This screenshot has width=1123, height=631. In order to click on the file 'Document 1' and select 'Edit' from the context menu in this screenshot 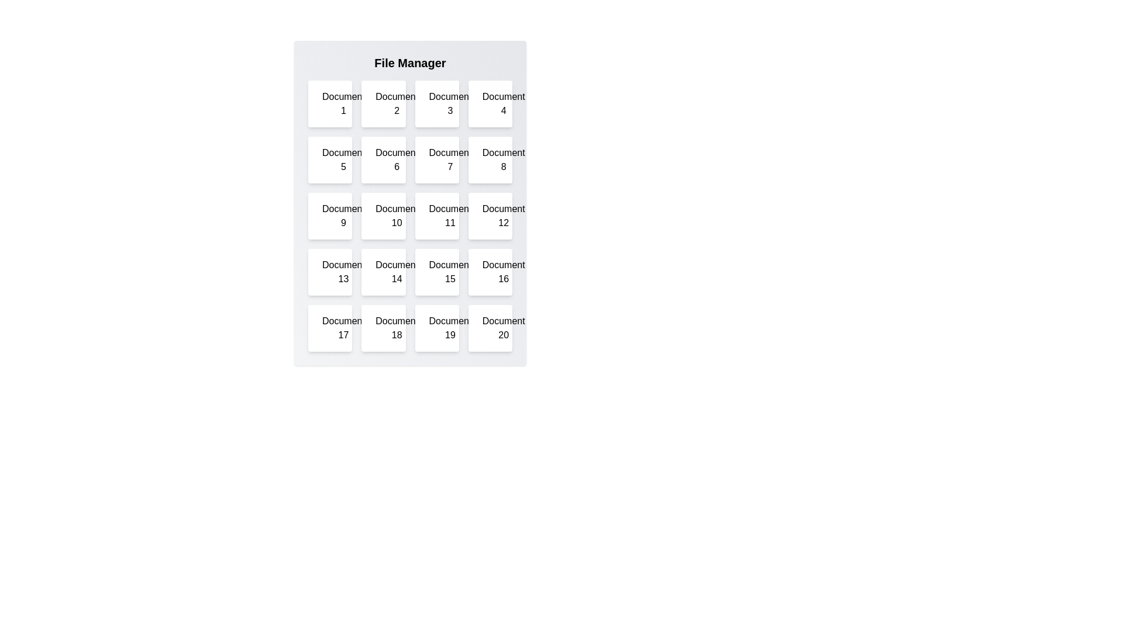, I will do `click(329, 103)`.